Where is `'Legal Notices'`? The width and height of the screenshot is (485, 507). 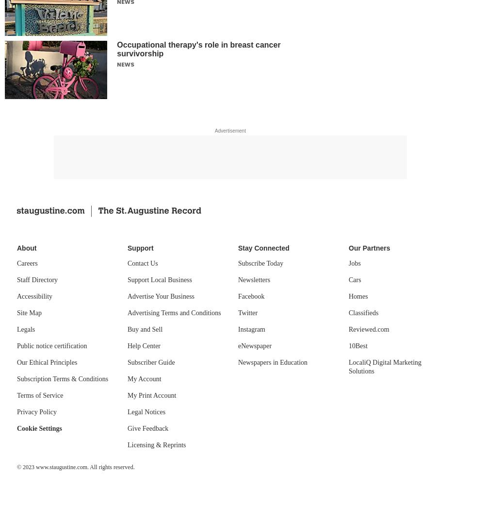
'Legal Notices' is located at coordinates (146, 411).